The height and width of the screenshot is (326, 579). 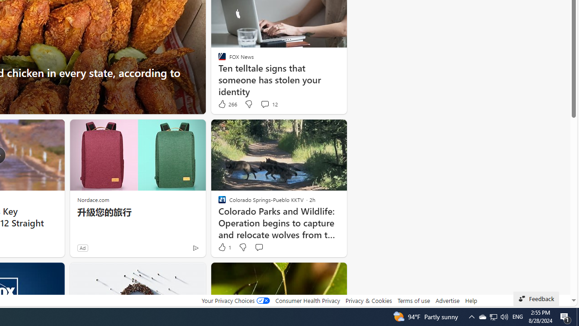 I want to click on 'Help', so click(x=470, y=300).